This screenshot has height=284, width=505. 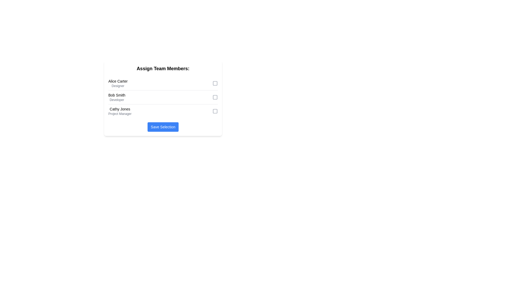 I want to click on the interactive checkbox in the selectable list item for 'Bob Smith', so click(x=163, y=97).